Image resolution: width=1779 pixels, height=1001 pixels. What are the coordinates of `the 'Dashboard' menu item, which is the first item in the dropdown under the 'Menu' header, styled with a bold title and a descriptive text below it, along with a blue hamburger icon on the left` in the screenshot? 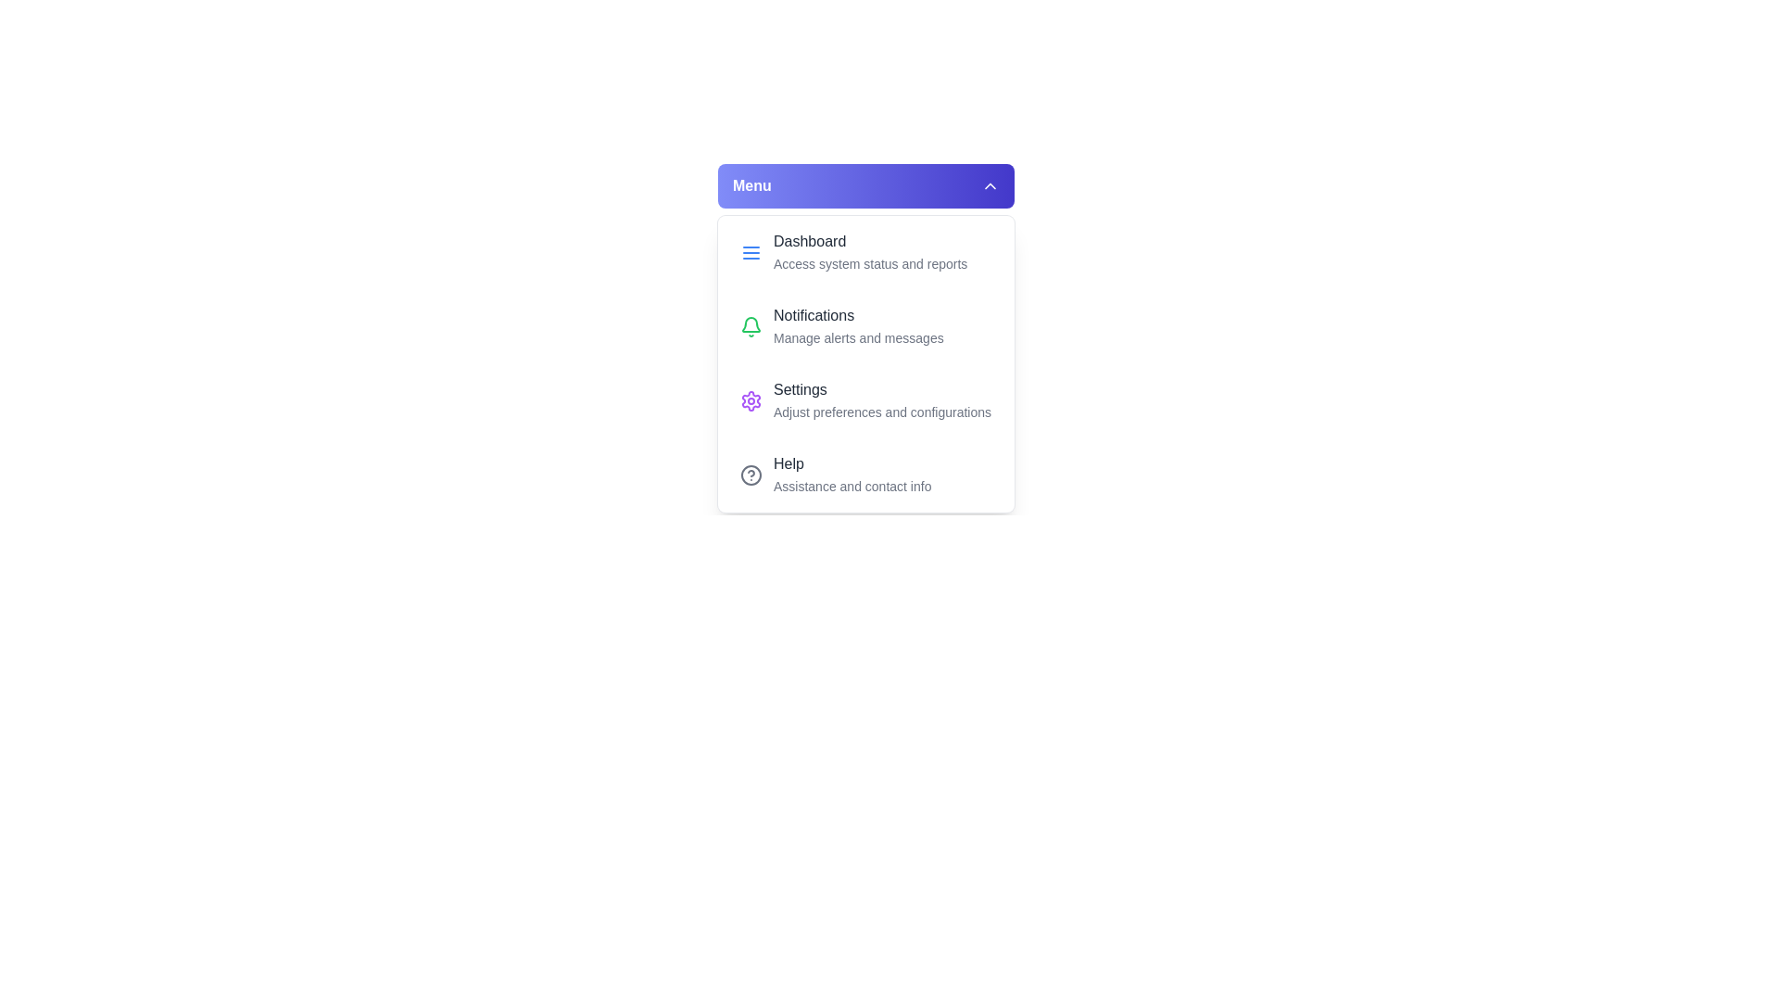 It's located at (865, 253).